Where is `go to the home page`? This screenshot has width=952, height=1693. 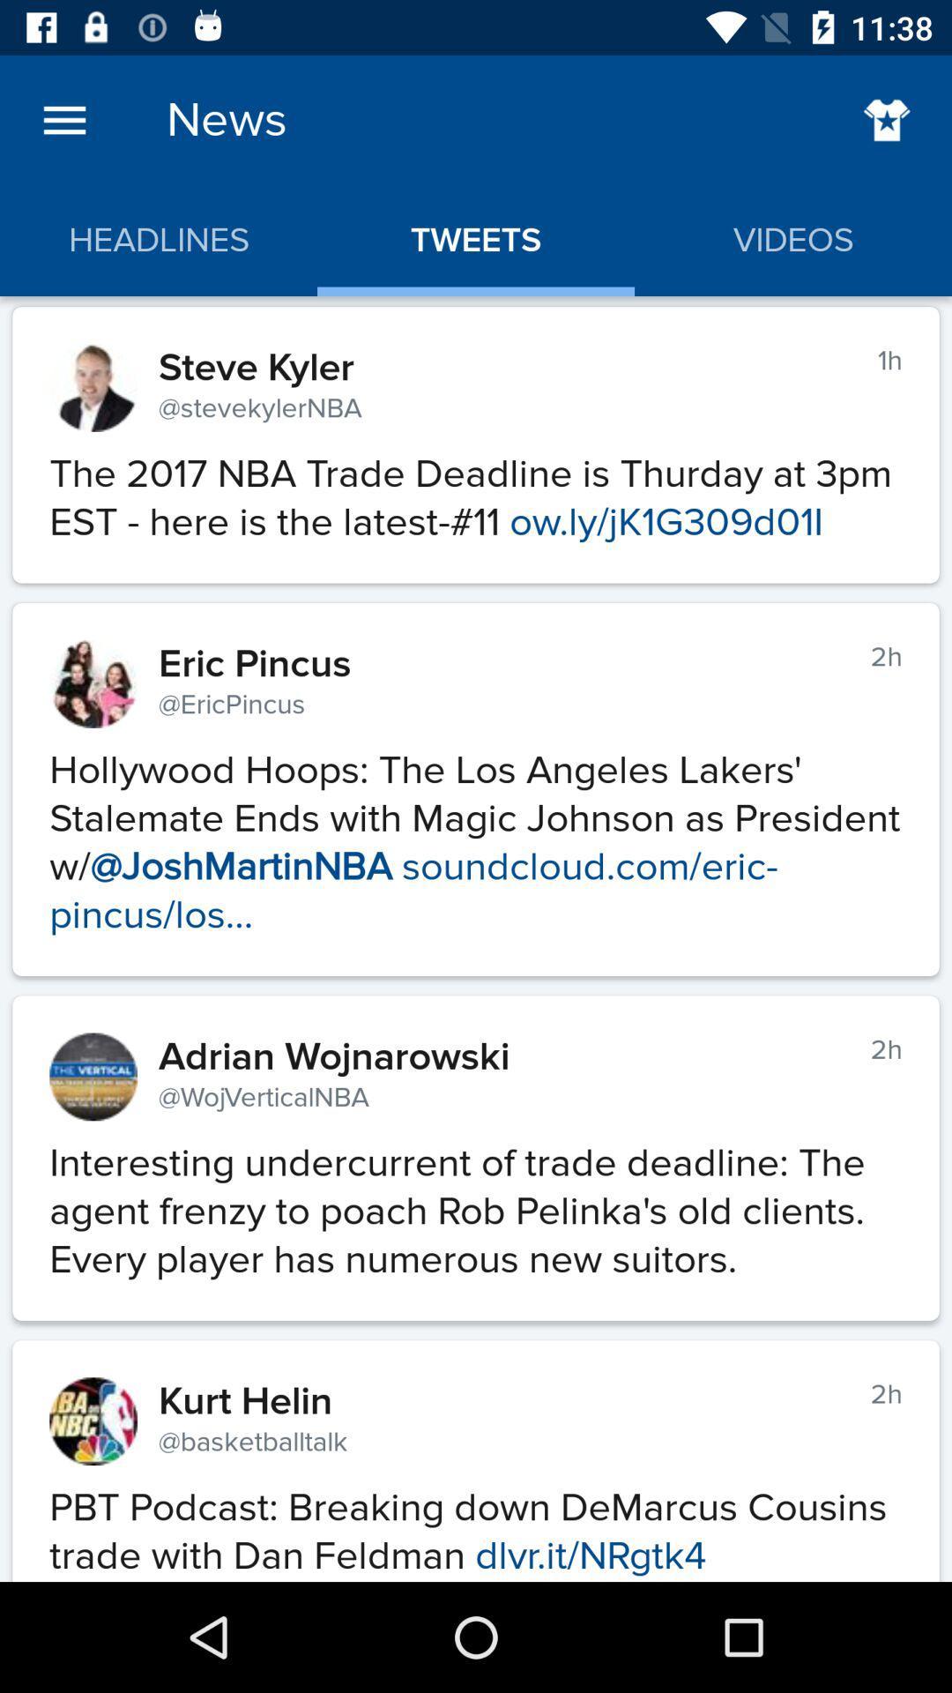
go to the home page is located at coordinates (887, 119).